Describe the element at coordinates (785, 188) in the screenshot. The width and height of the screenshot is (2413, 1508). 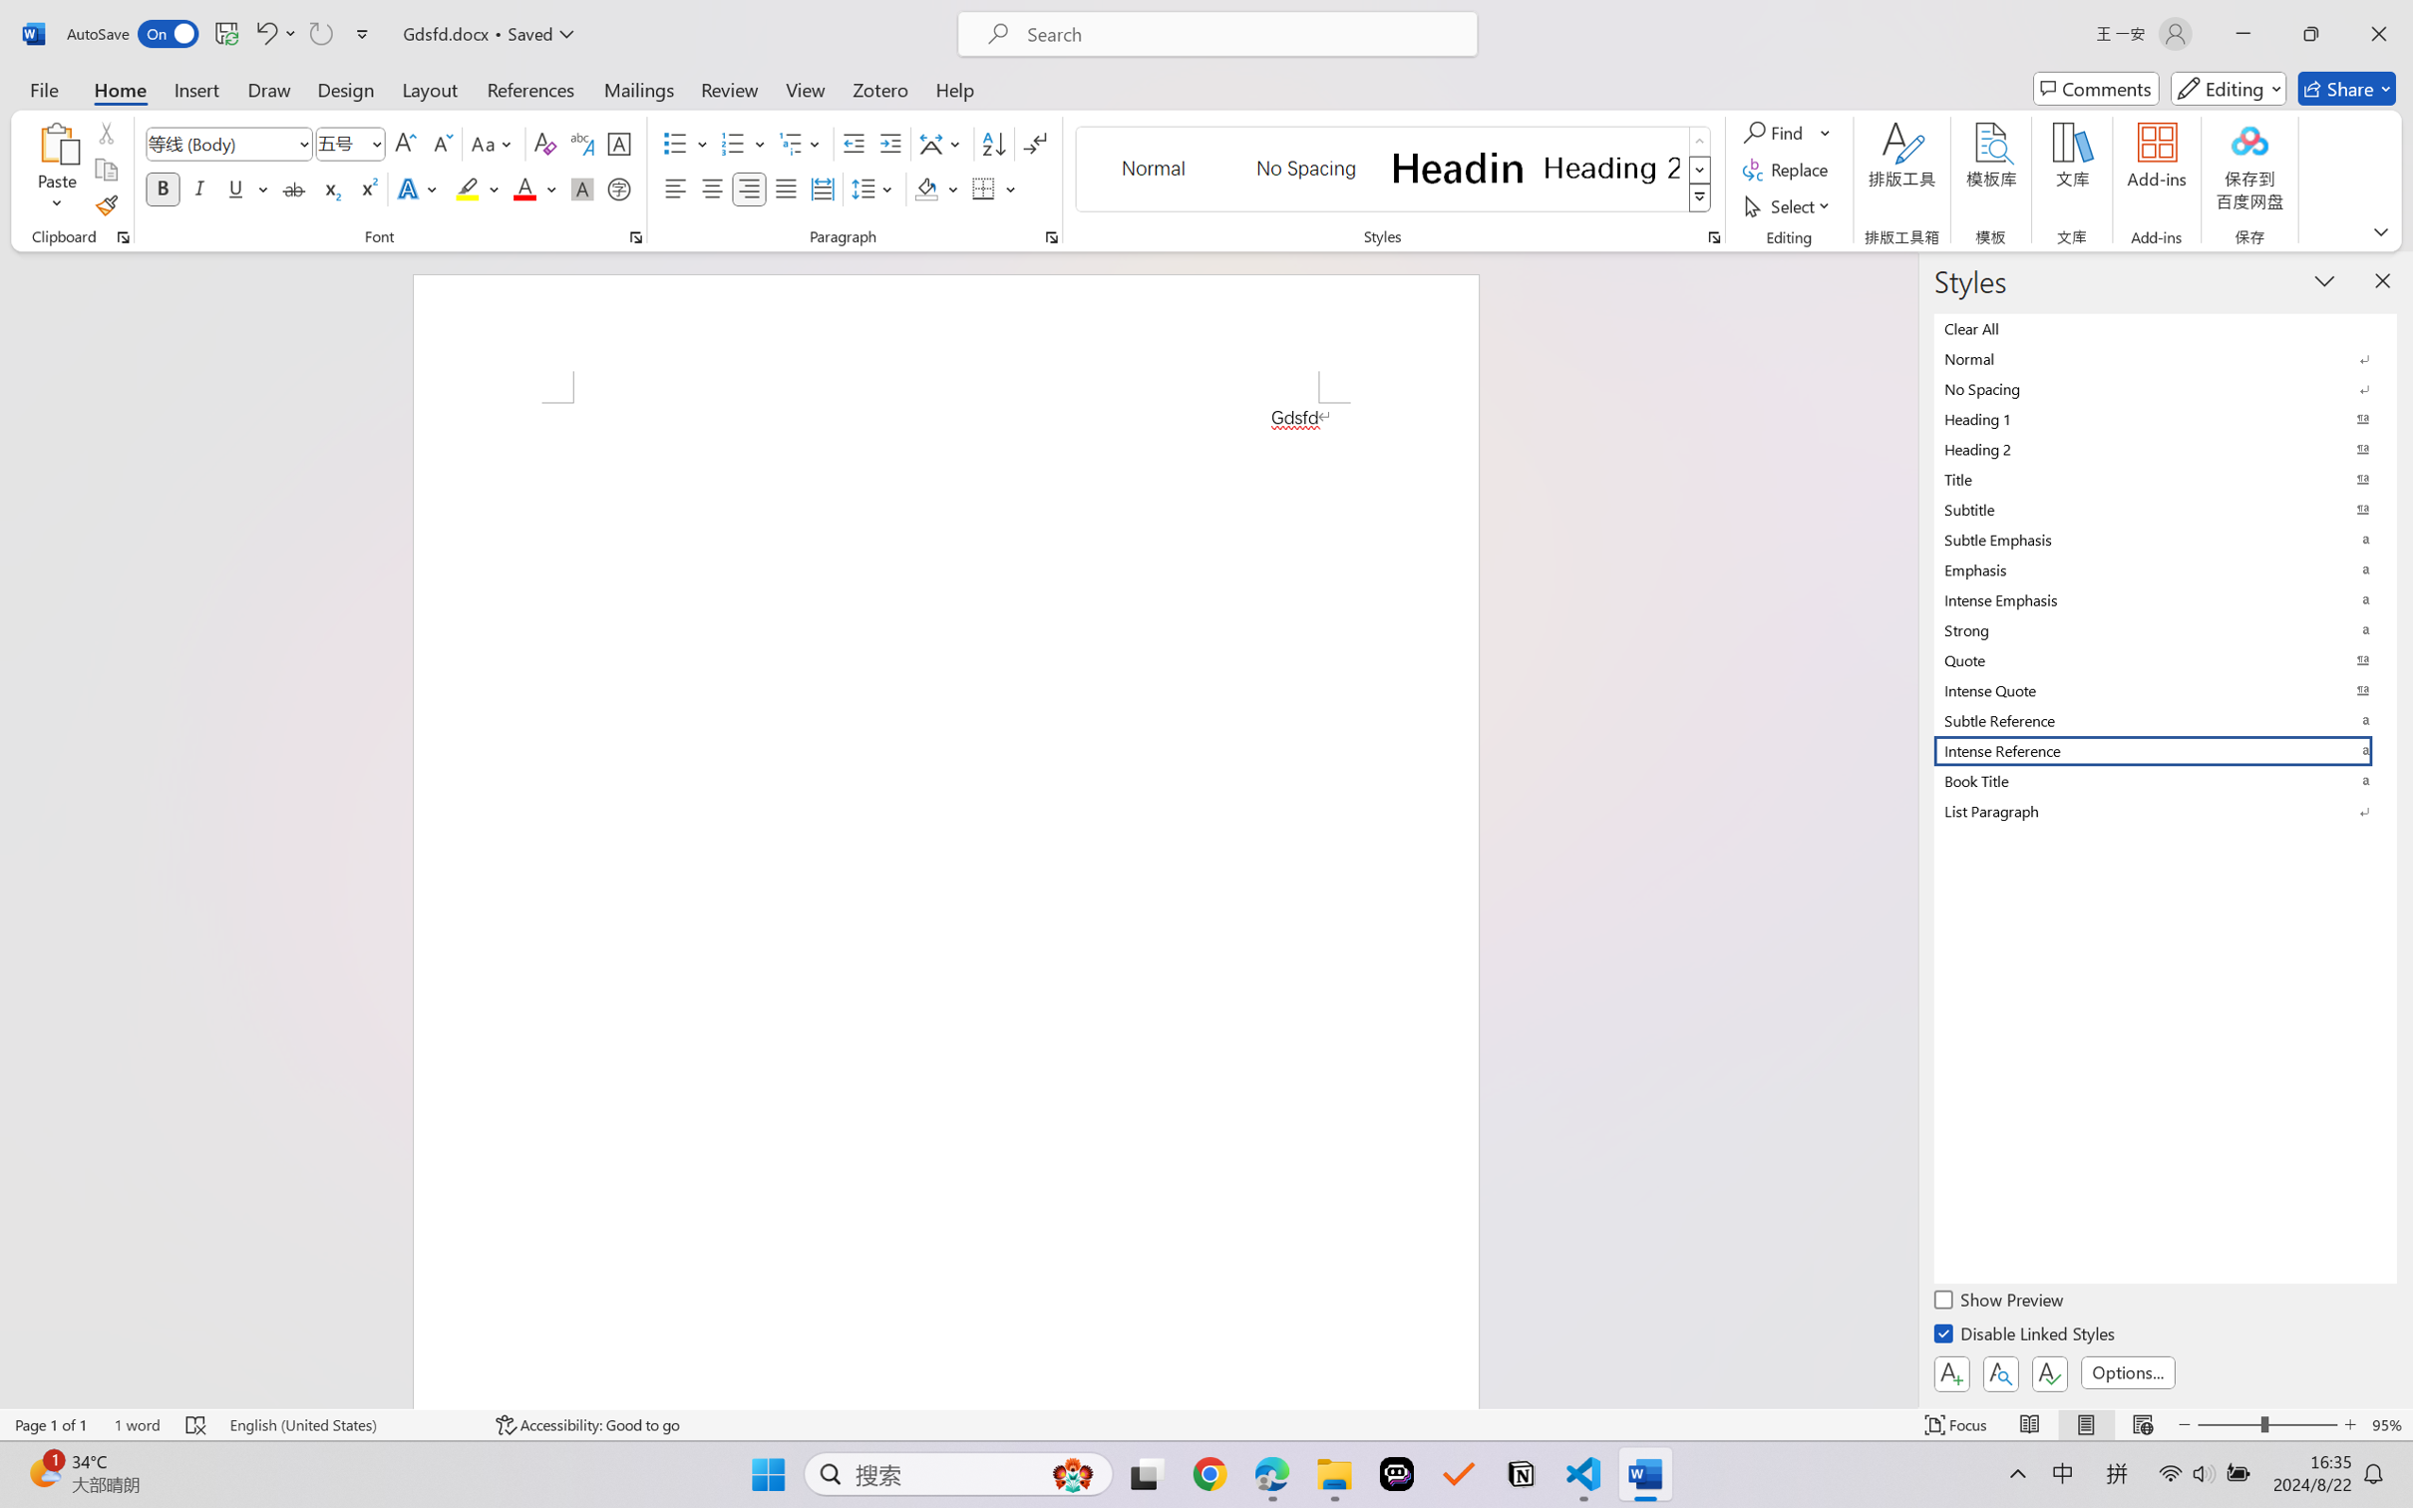
I see `'Justify'` at that location.